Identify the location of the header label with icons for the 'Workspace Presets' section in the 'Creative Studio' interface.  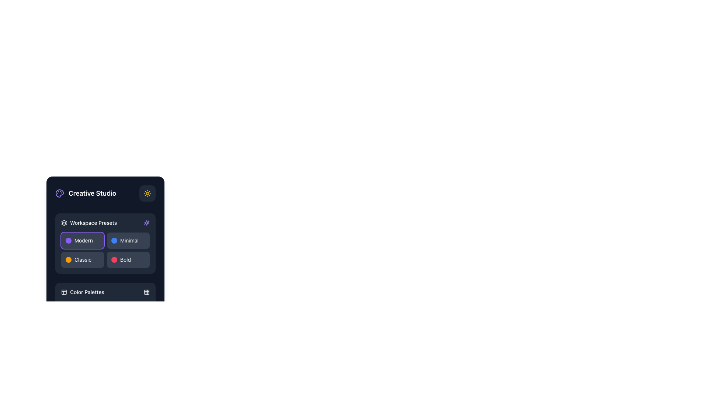
(105, 223).